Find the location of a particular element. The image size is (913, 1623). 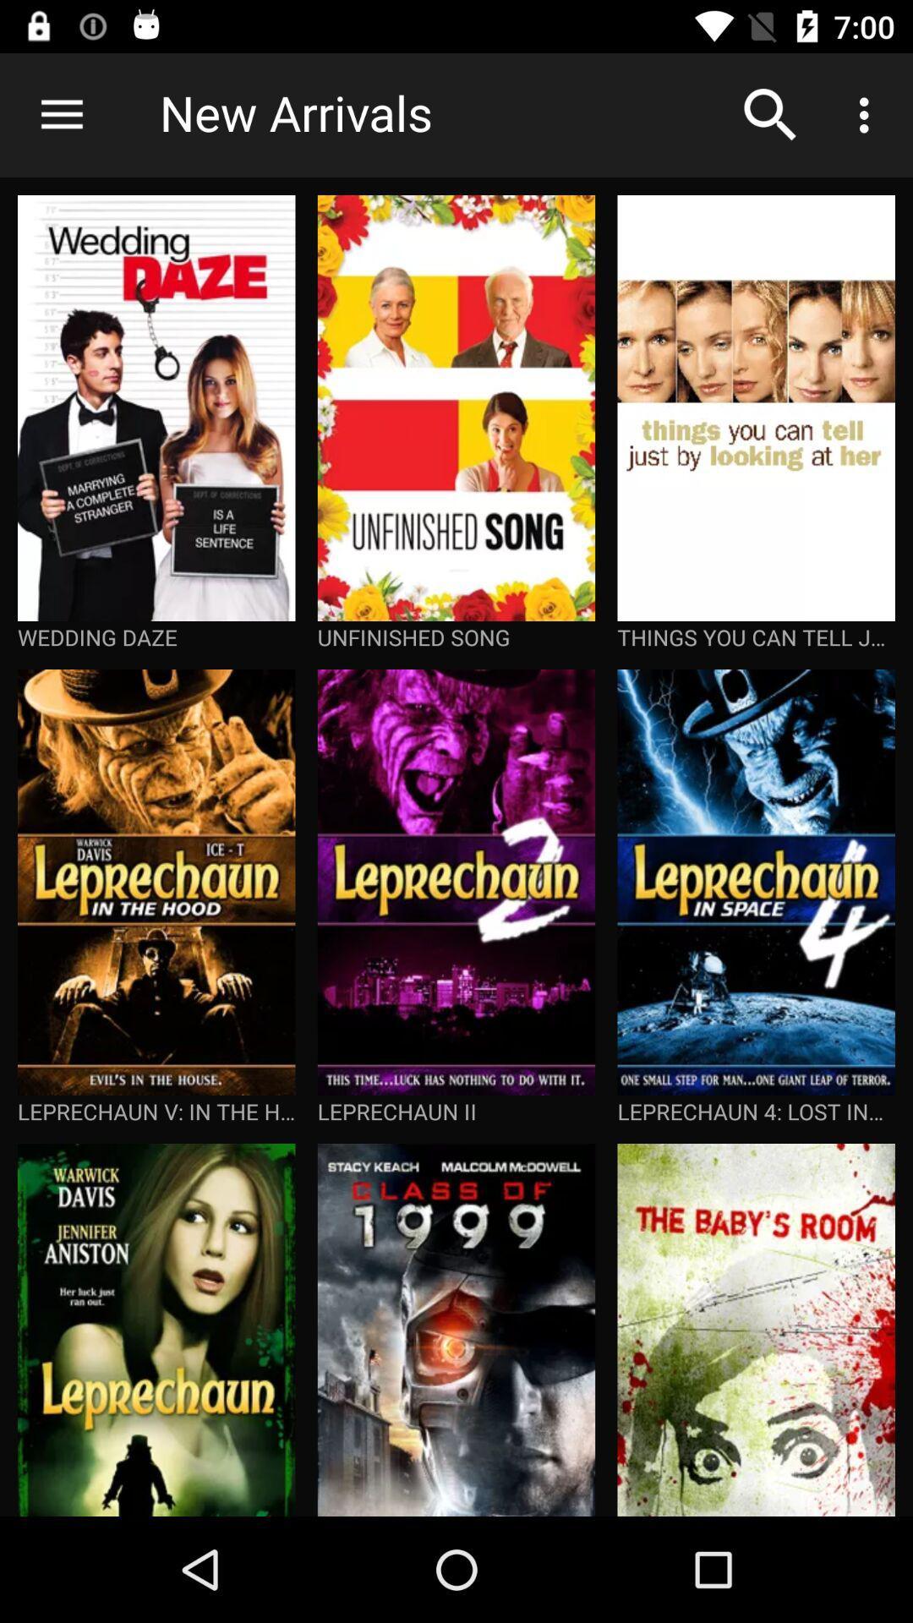

the avatar icon is located at coordinates (263, 423).